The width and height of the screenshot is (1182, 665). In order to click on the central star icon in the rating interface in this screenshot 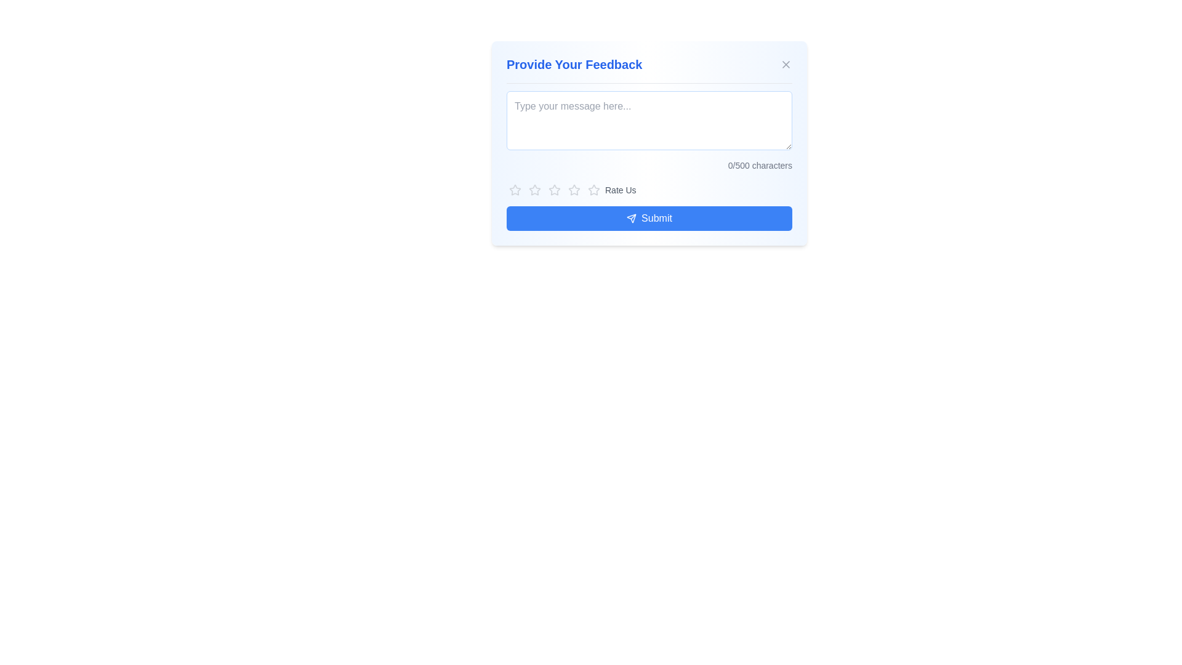, I will do `click(593, 190)`.